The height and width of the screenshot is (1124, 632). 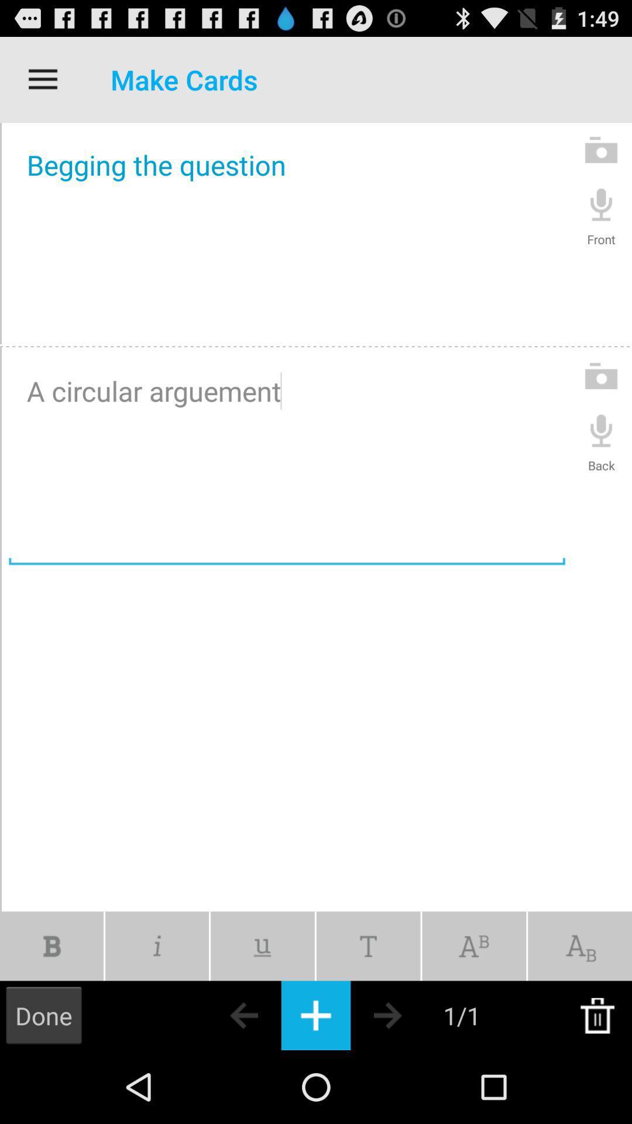 What do you see at coordinates (408, 1015) in the screenshot?
I see `go forward` at bounding box center [408, 1015].